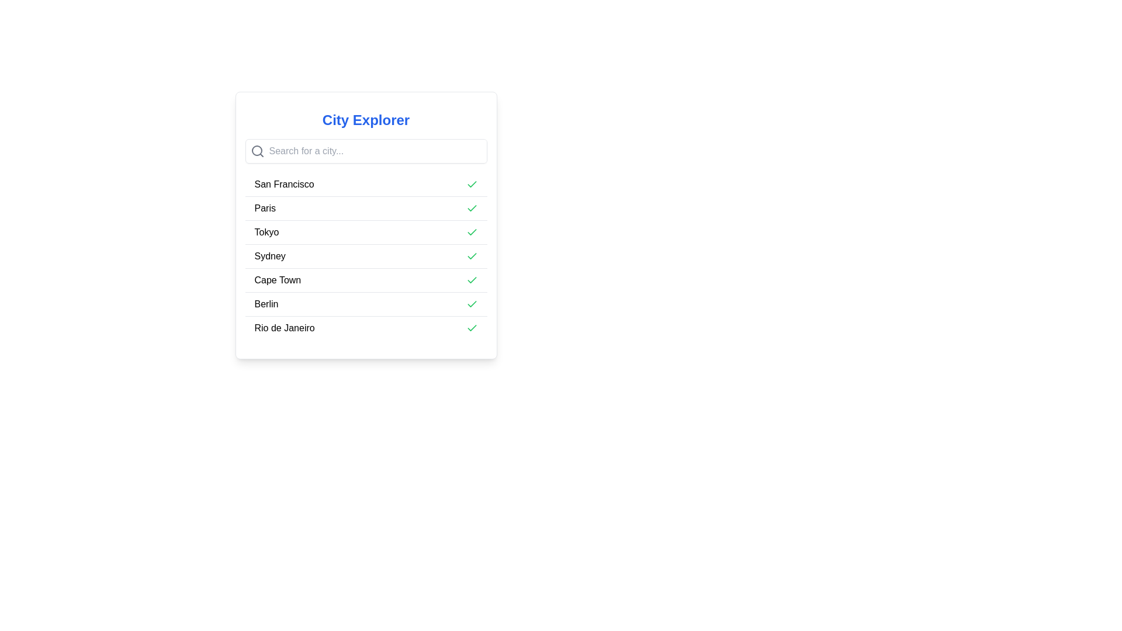  What do you see at coordinates (472, 255) in the screenshot?
I see `the checkmark icon indicating 'checked' status for the 'Sydney' row in the list` at bounding box center [472, 255].